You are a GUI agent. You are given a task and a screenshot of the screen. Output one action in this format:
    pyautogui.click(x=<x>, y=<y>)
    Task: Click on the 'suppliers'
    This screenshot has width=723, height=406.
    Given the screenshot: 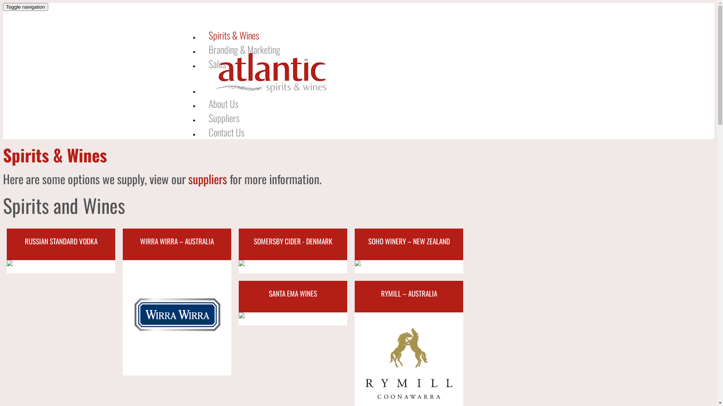 What is the action you would take?
    pyautogui.click(x=207, y=179)
    